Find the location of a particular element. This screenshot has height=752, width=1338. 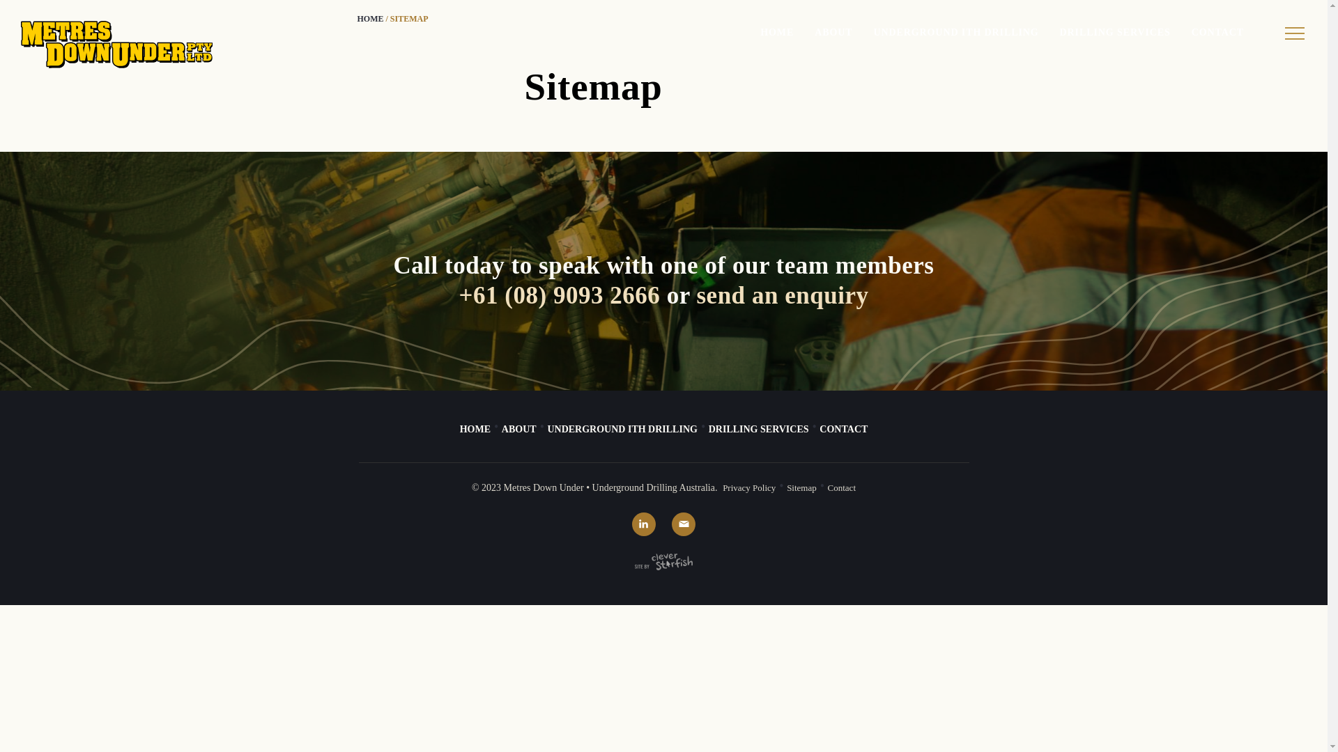

'+61 (08) 9093 2666' is located at coordinates (559, 295).